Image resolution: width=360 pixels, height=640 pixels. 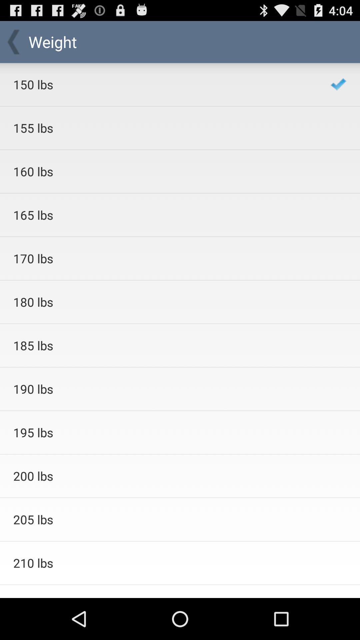 What do you see at coordinates (163, 519) in the screenshot?
I see `205 lbs` at bounding box center [163, 519].